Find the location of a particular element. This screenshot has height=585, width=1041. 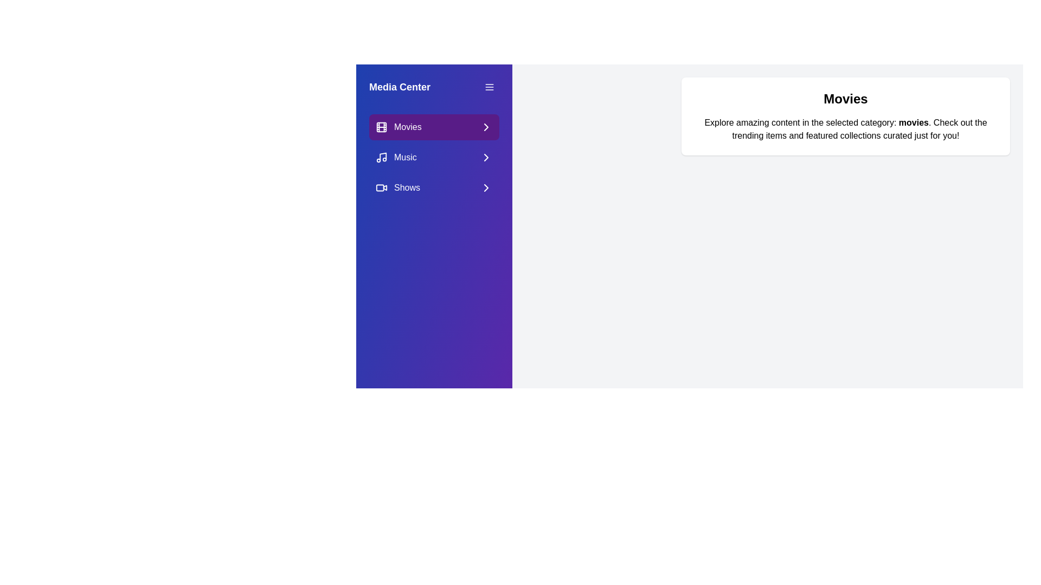

the chevron arrow icon located on the rightmost side of the 'Music' item in the vertical menu of the left sidebar is located at coordinates (486, 157).